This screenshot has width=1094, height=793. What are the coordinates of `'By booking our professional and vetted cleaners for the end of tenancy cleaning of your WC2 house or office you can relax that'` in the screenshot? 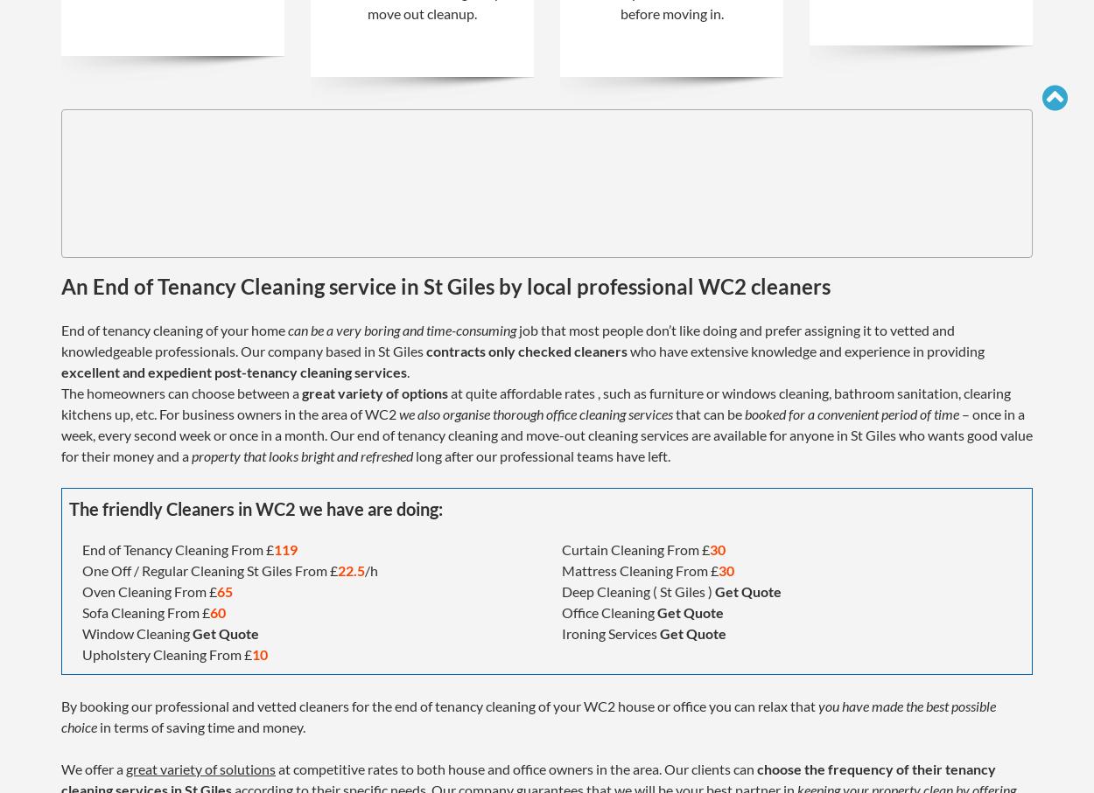 It's located at (60, 705).